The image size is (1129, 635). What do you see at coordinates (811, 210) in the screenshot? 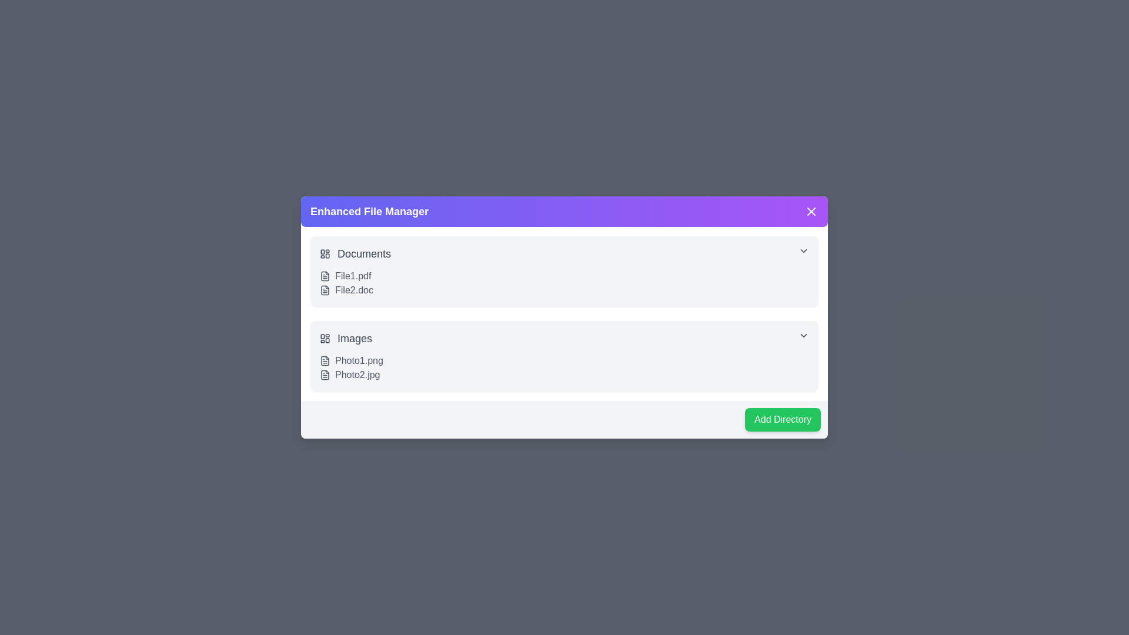
I see `the close button to close the dialog` at bounding box center [811, 210].